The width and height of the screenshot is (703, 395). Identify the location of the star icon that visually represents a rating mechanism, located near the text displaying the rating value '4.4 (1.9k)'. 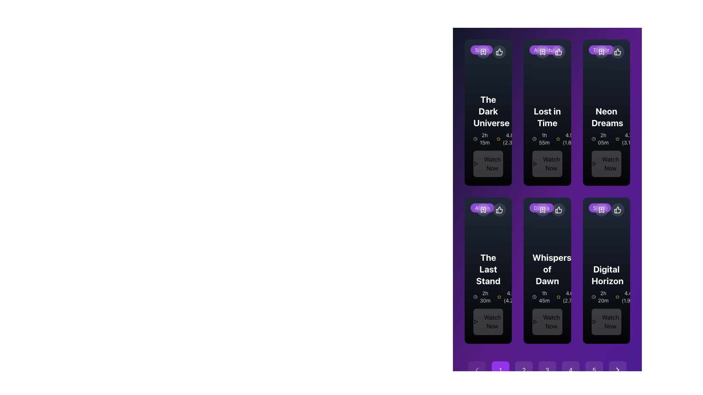
(617, 297).